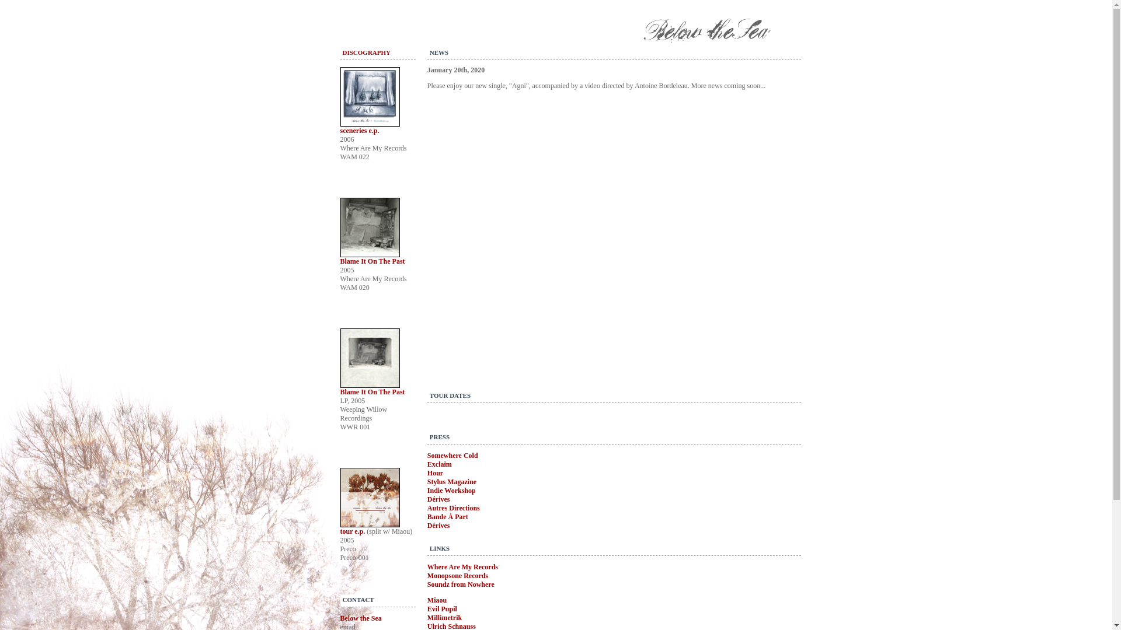  Describe the element at coordinates (436, 600) in the screenshot. I see `'Miaou'` at that location.